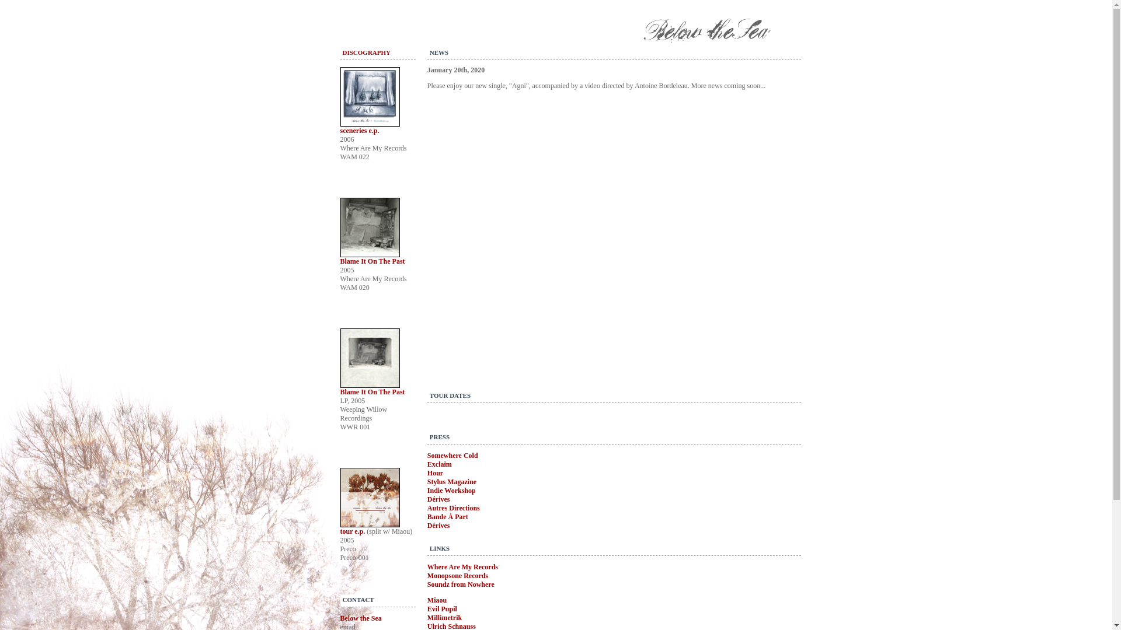  Describe the element at coordinates (436, 600) in the screenshot. I see `'Miaou'` at that location.